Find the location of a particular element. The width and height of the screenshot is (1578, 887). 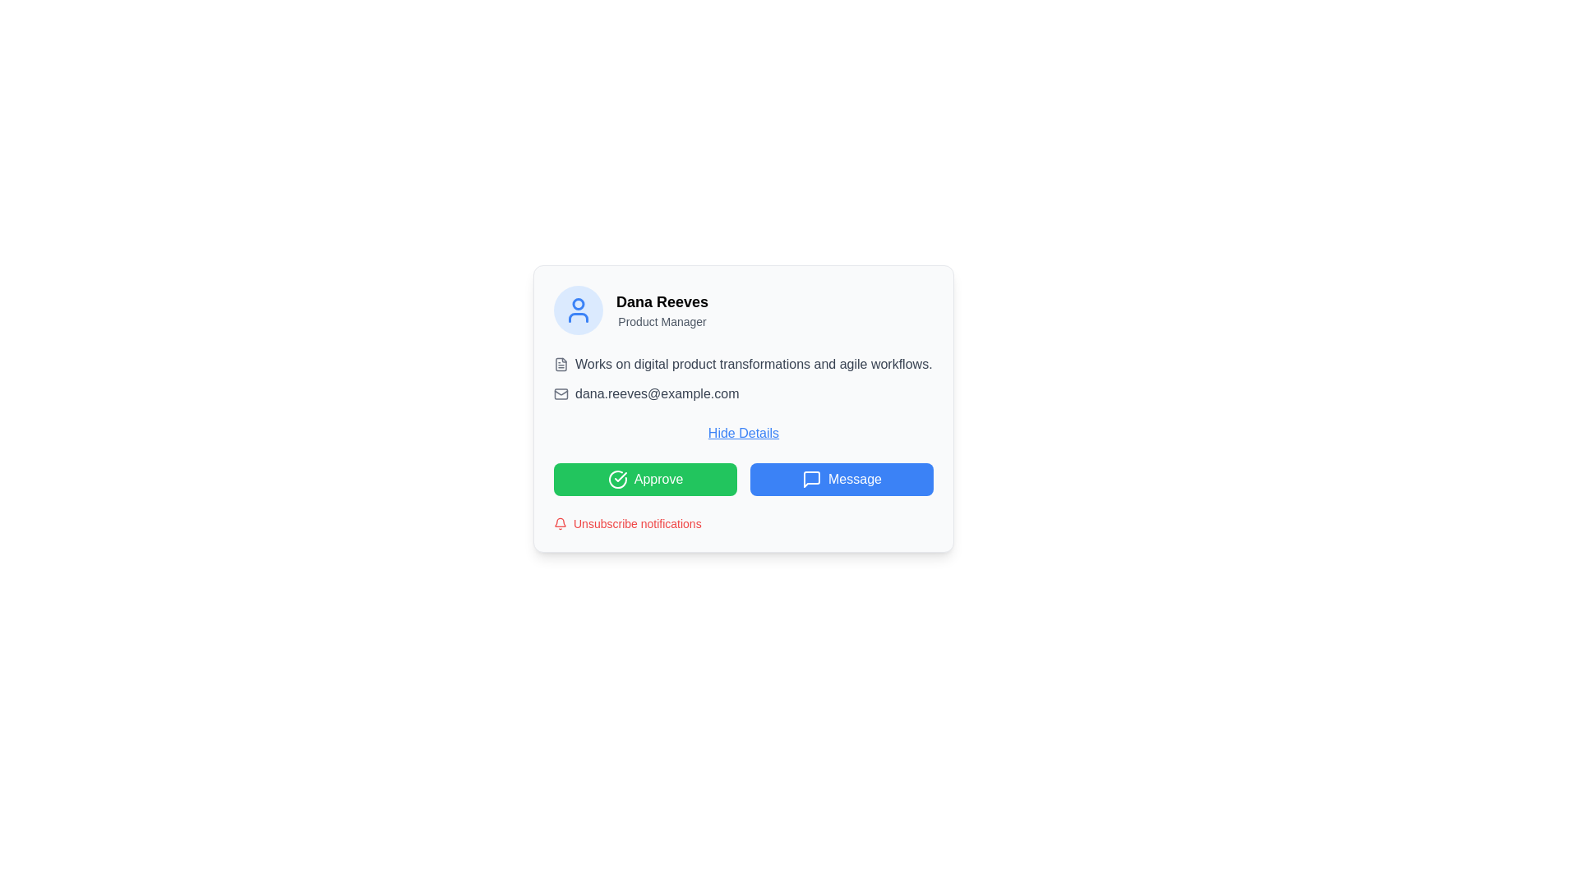

displayed information from the Text label that provides the identity and role of a person, located in the upper center of the card, to the right of a person icon is located at coordinates (662, 310).